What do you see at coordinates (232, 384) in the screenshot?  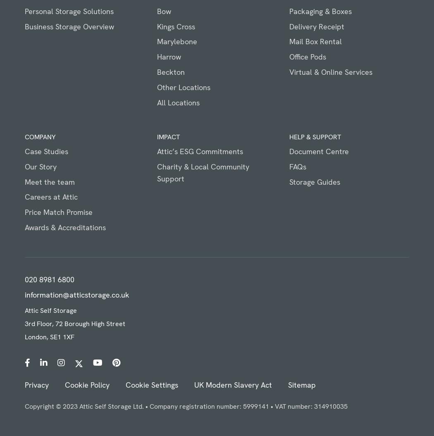 I see `'UK Modern Slavery Act'` at bounding box center [232, 384].